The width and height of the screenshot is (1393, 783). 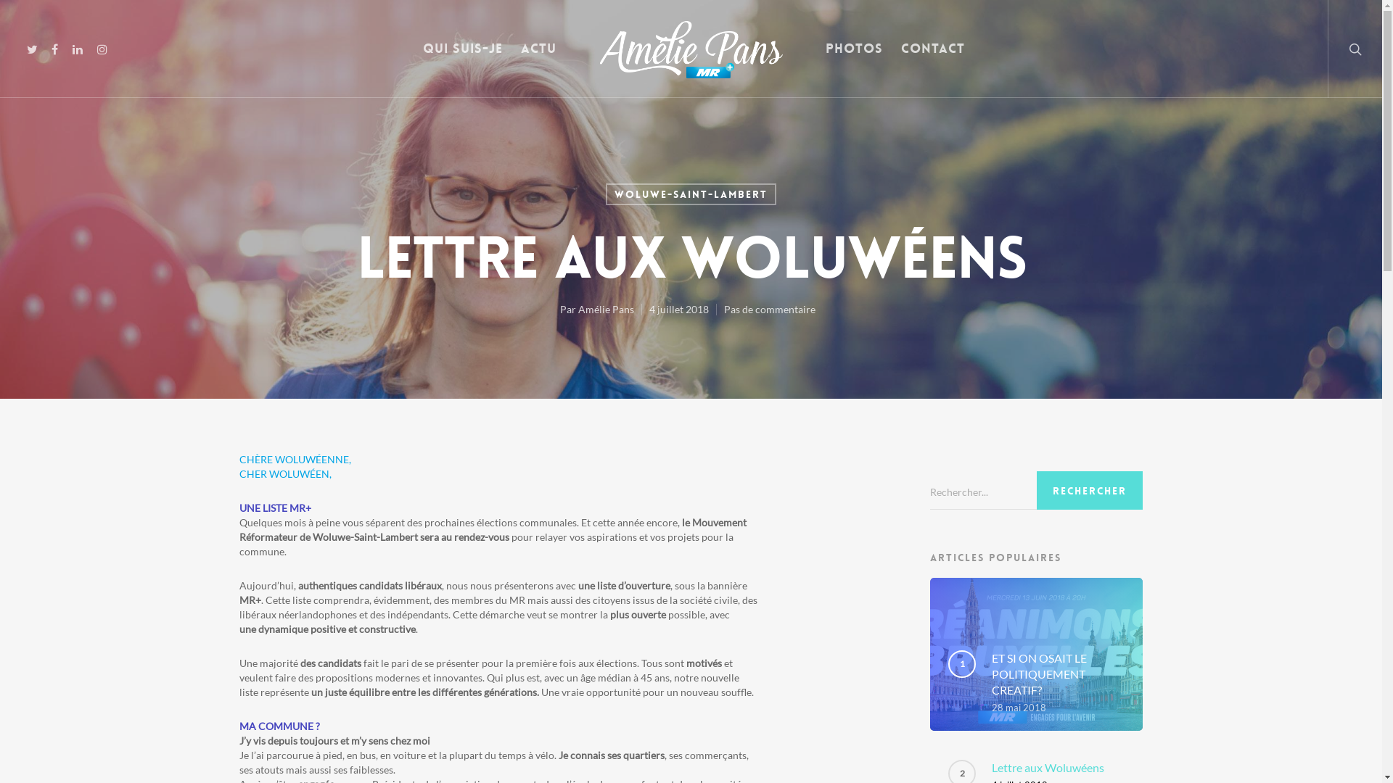 I want to click on 'Rechercher', so click(x=1036, y=490).